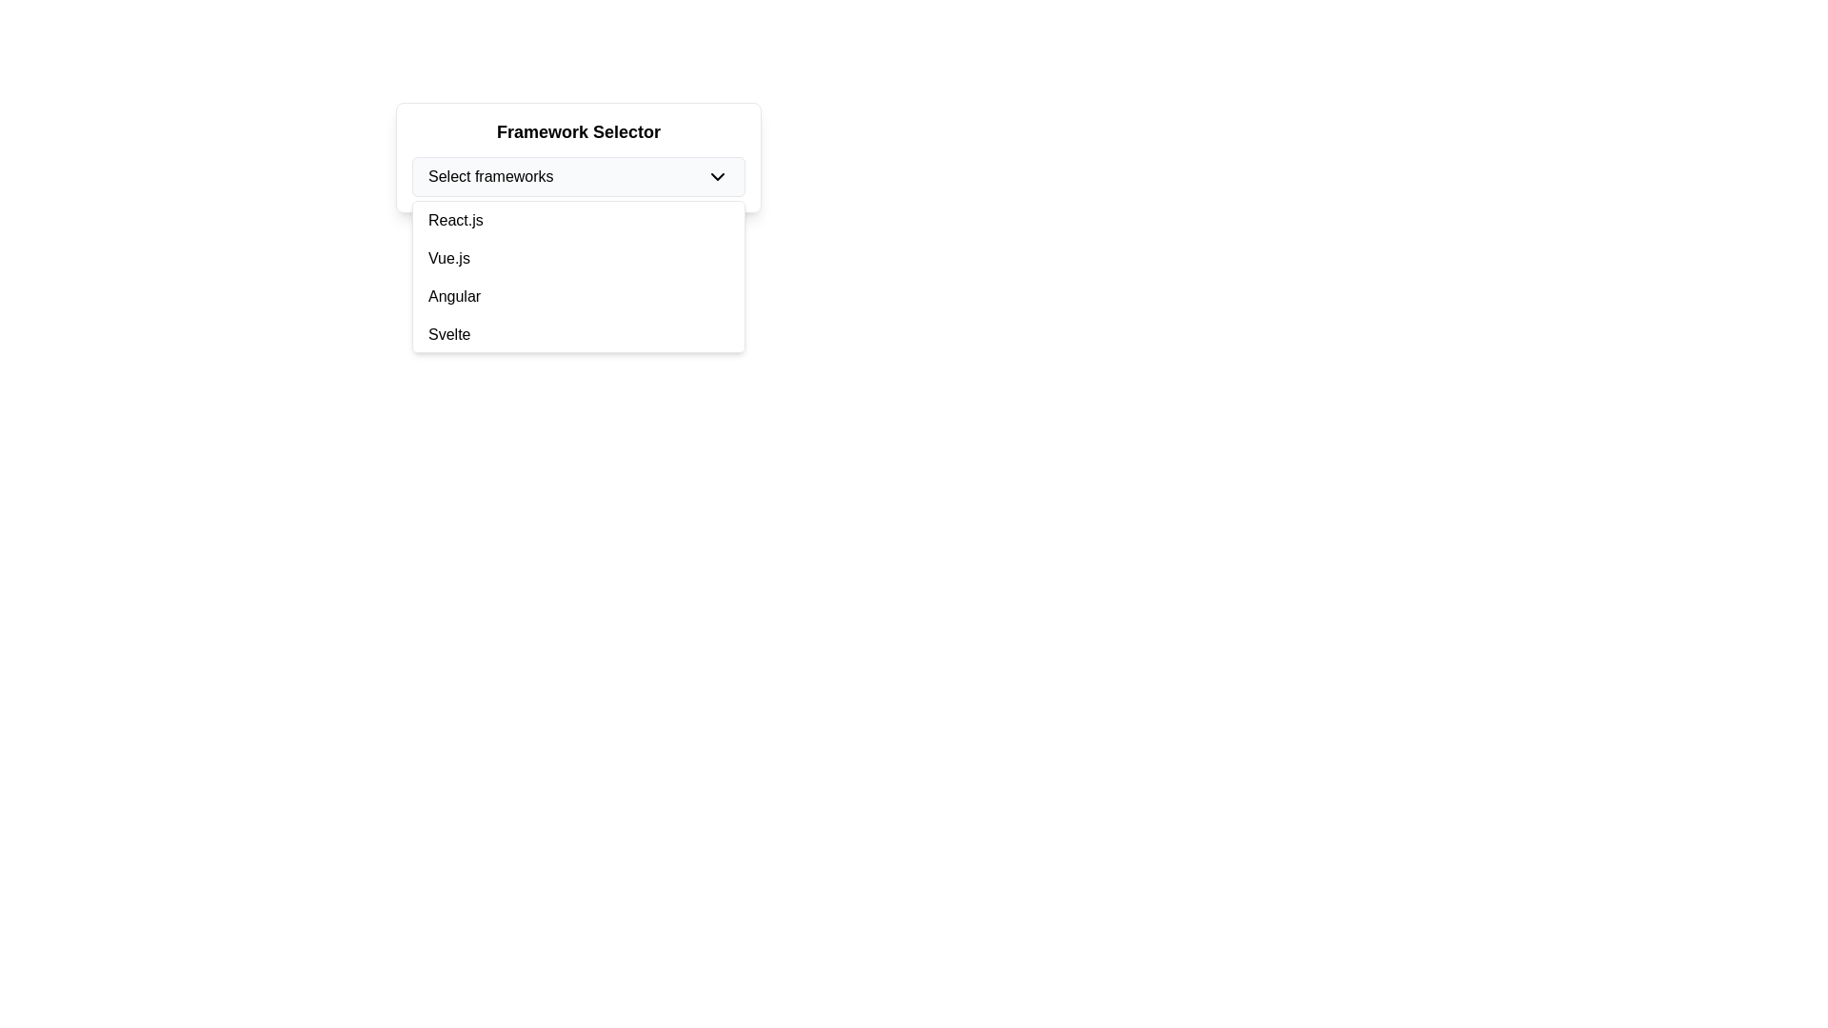  Describe the element at coordinates (716, 176) in the screenshot. I see `the chevron icon on the right side of the 'Select frameworks' dropdown button` at that location.